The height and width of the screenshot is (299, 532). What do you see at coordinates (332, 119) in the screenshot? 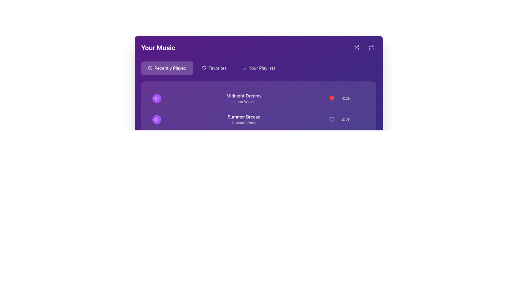
I see `the 'favorite' icon located to the right of the text 'Midnight Dreams'` at bounding box center [332, 119].